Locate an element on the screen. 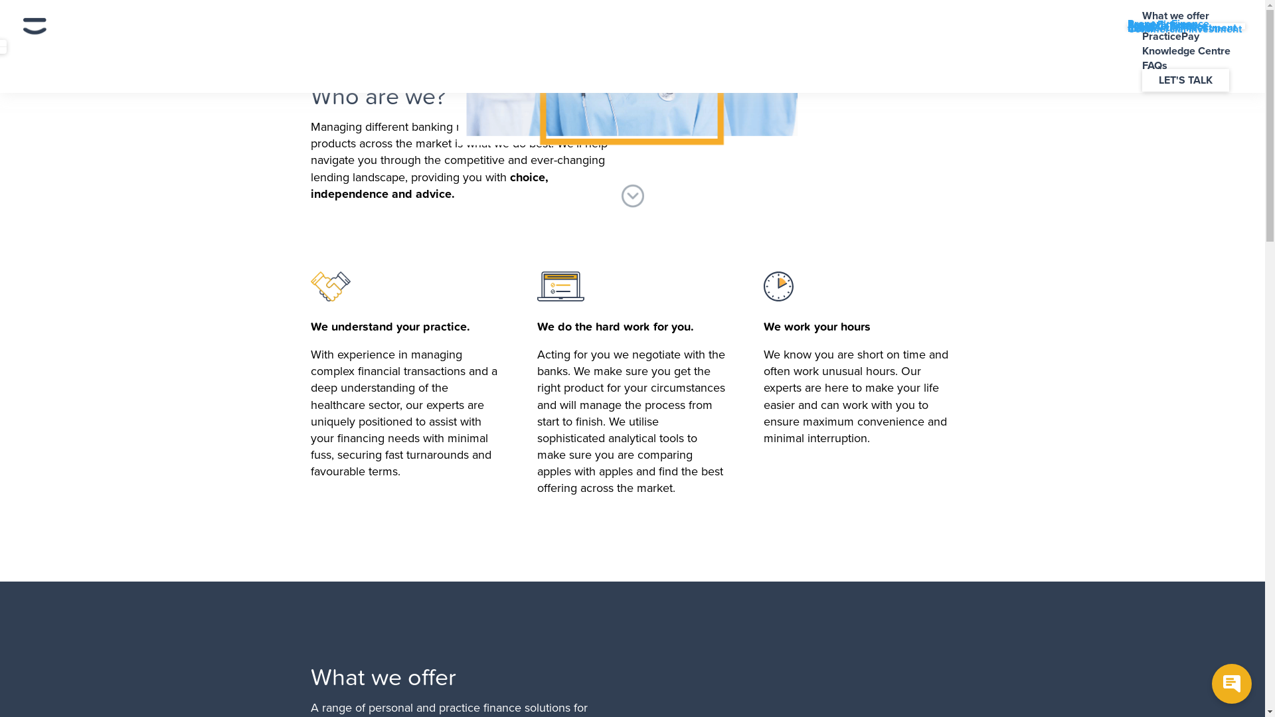 This screenshot has width=1275, height=717. 'LET'S TALK' is located at coordinates (1185, 80).